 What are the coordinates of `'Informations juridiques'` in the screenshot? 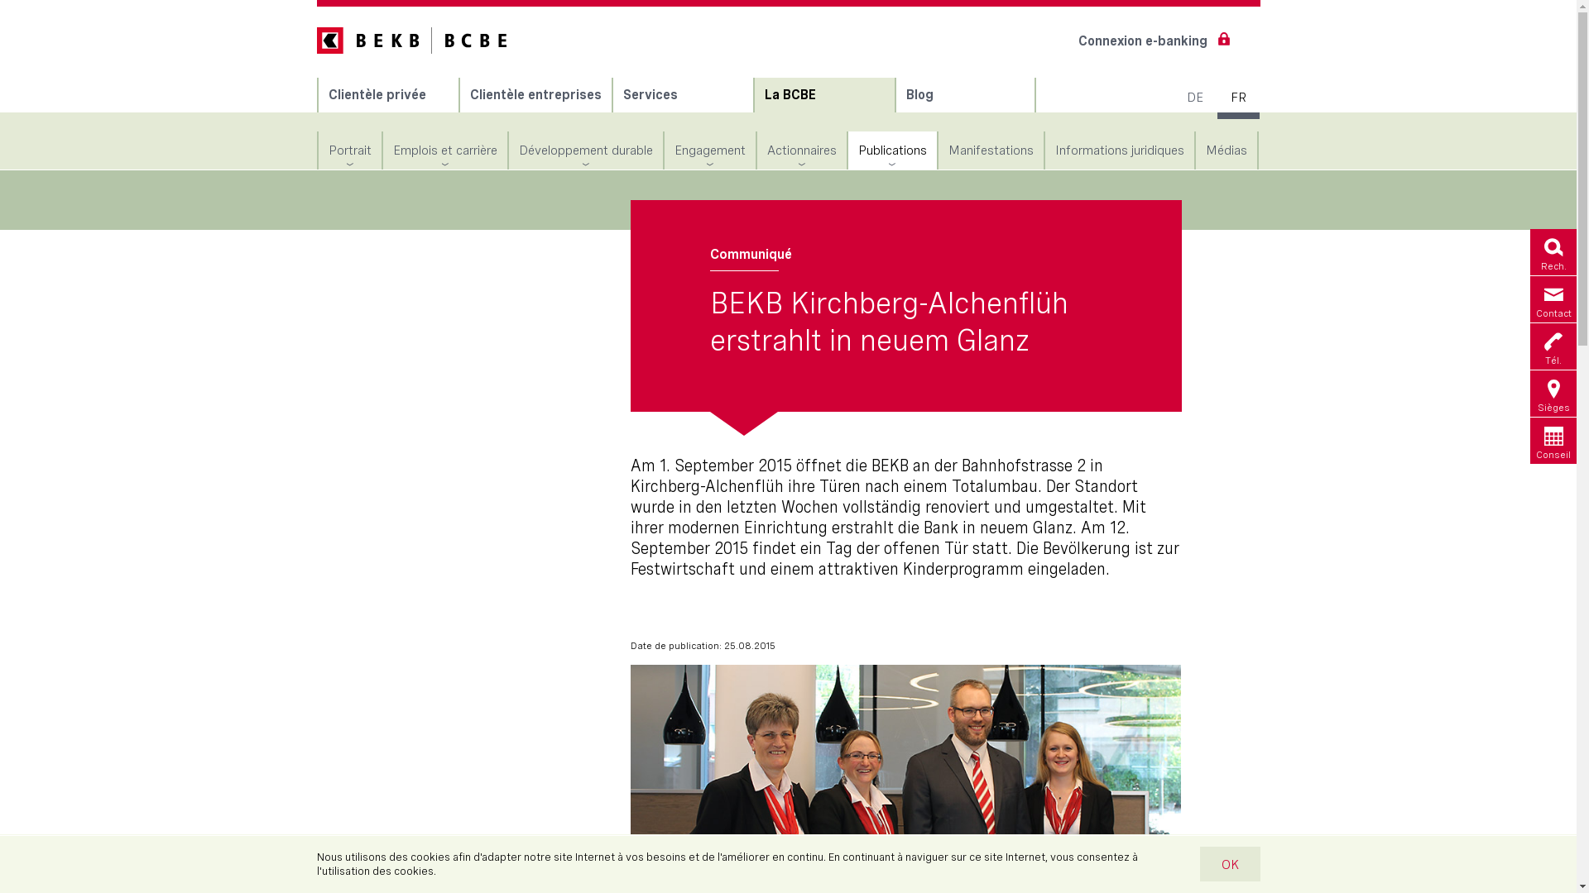 It's located at (1119, 150).